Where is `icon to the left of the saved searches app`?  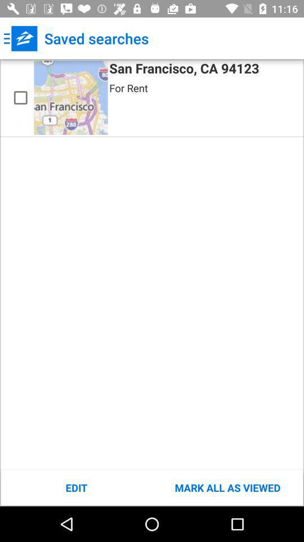 icon to the left of the saved searches app is located at coordinates (20, 38).